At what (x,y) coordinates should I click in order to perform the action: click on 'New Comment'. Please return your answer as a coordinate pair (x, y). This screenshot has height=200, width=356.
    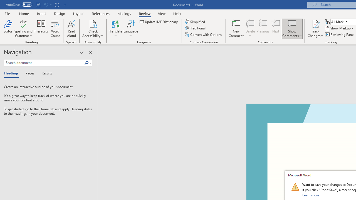
    Looking at the image, I should click on (236, 29).